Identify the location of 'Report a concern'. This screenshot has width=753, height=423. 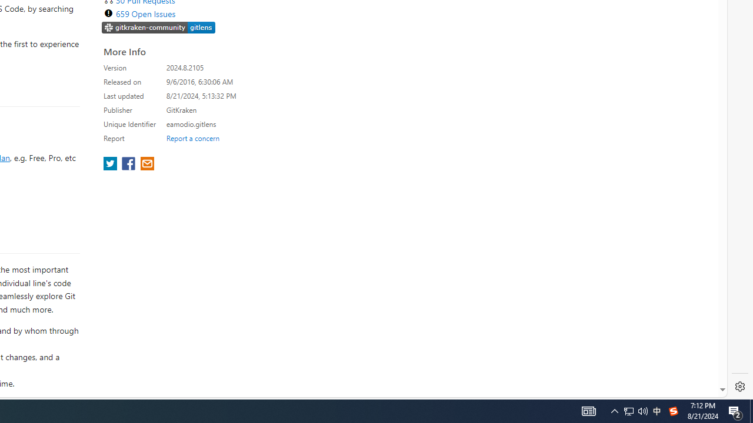
(192, 137).